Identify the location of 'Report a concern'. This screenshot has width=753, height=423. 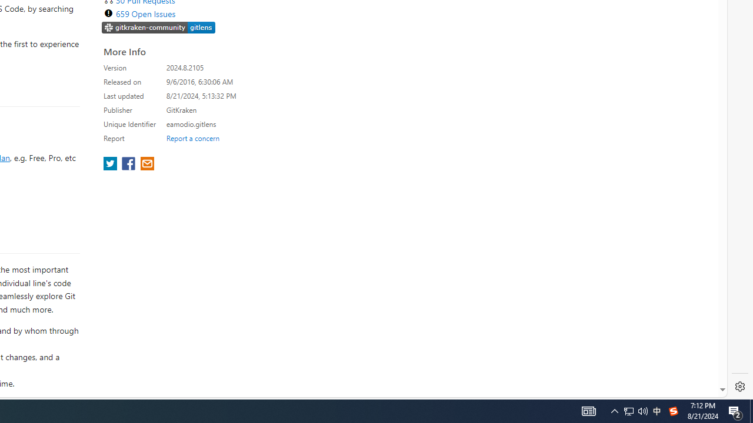
(192, 137).